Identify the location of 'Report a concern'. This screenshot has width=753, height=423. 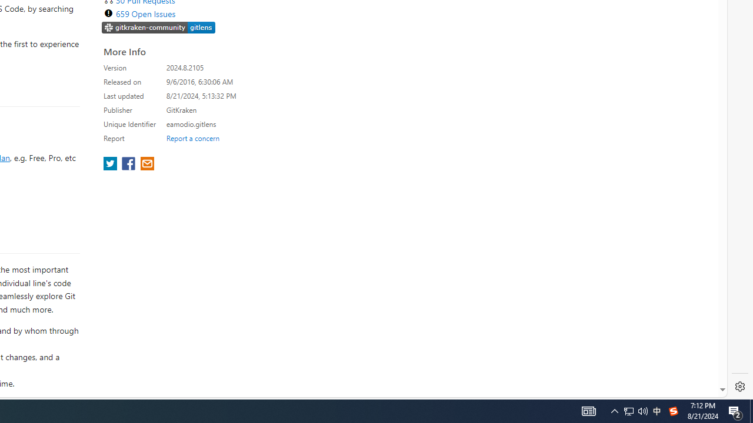
(192, 137).